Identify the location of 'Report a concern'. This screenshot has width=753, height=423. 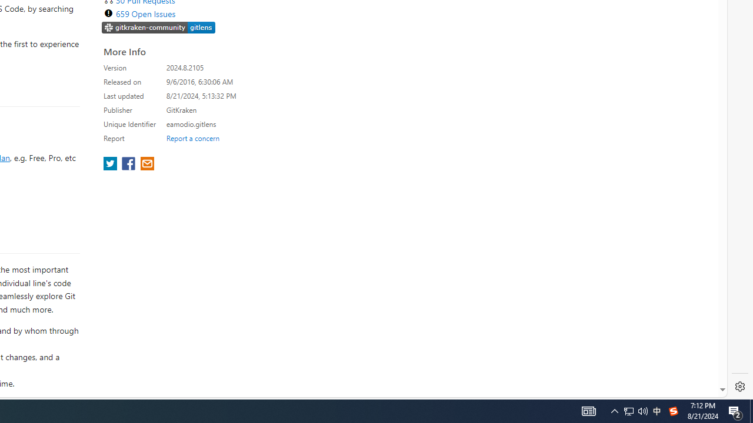
(192, 137).